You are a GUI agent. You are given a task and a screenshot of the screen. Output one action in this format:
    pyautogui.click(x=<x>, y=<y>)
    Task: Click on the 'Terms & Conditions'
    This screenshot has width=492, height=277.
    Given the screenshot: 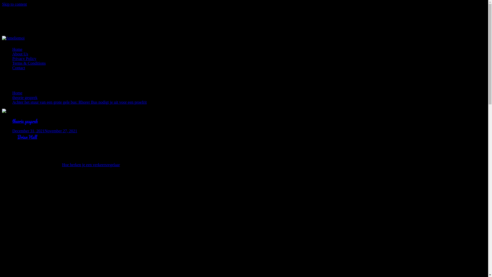 What is the action you would take?
    pyautogui.click(x=29, y=63)
    